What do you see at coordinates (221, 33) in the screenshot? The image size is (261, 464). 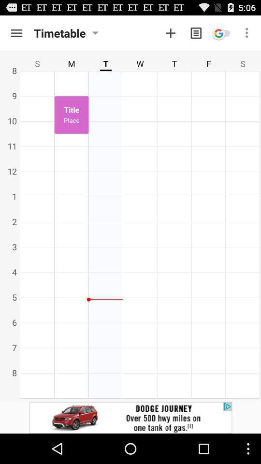 I see `icon` at bounding box center [221, 33].